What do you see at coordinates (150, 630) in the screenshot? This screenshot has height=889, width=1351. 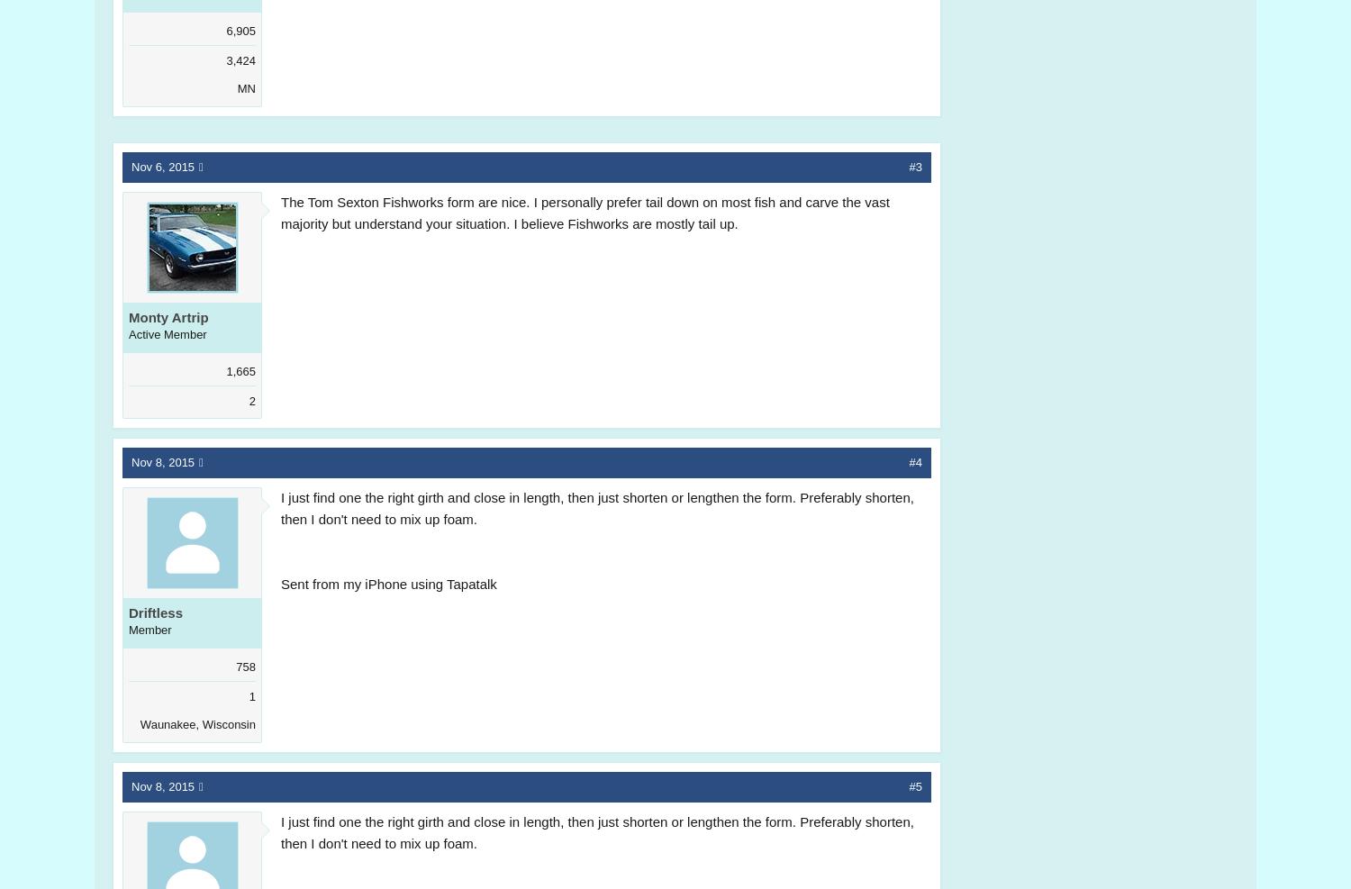 I see `'Member'` at bounding box center [150, 630].